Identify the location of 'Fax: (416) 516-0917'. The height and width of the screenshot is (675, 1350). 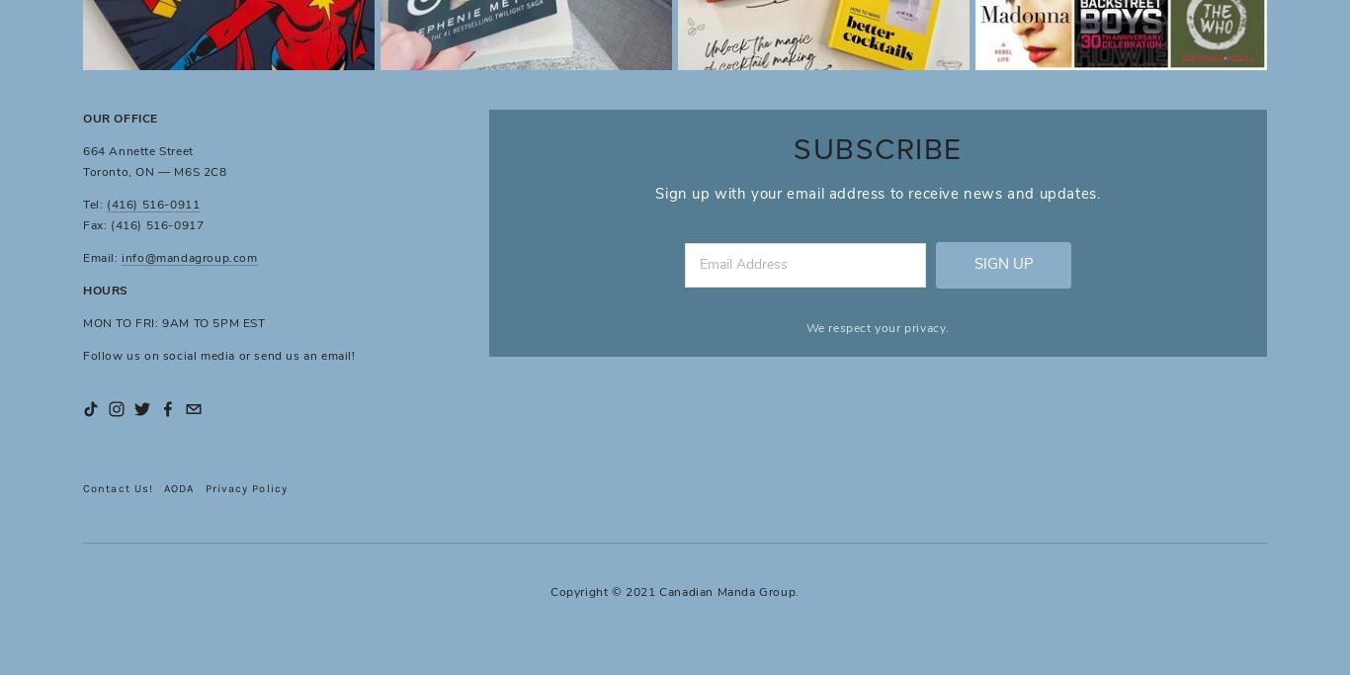
(141, 224).